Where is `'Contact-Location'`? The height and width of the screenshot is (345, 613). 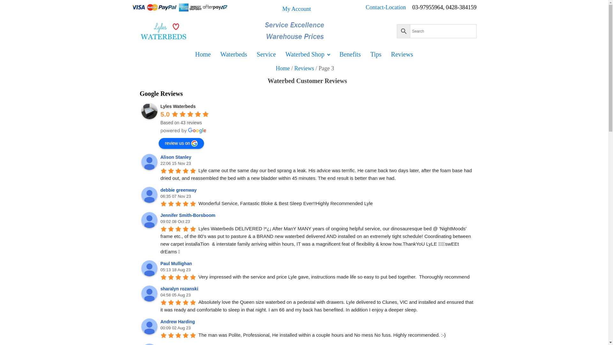
'Contact-Location' is located at coordinates (389, 9).